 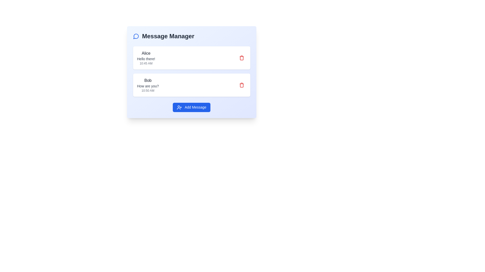 What do you see at coordinates (148, 80) in the screenshot?
I see `the static text label displaying the sender name 'Bob' at the top of the second card in the message manager interface` at bounding box center [148, 80].